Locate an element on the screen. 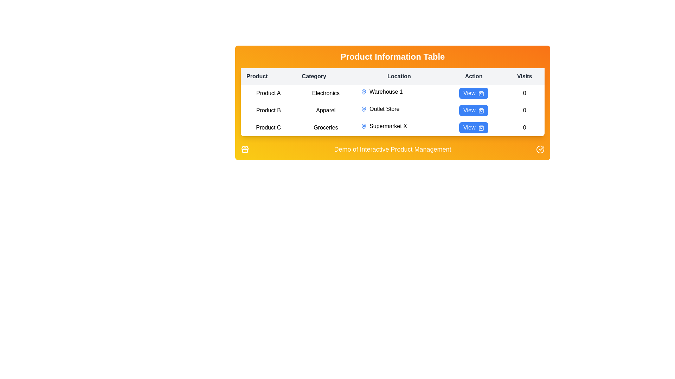  the button with a blue background and white text reading 'View', located in the 'Action' column of the second row in the table is located at coordinates (474, 111).